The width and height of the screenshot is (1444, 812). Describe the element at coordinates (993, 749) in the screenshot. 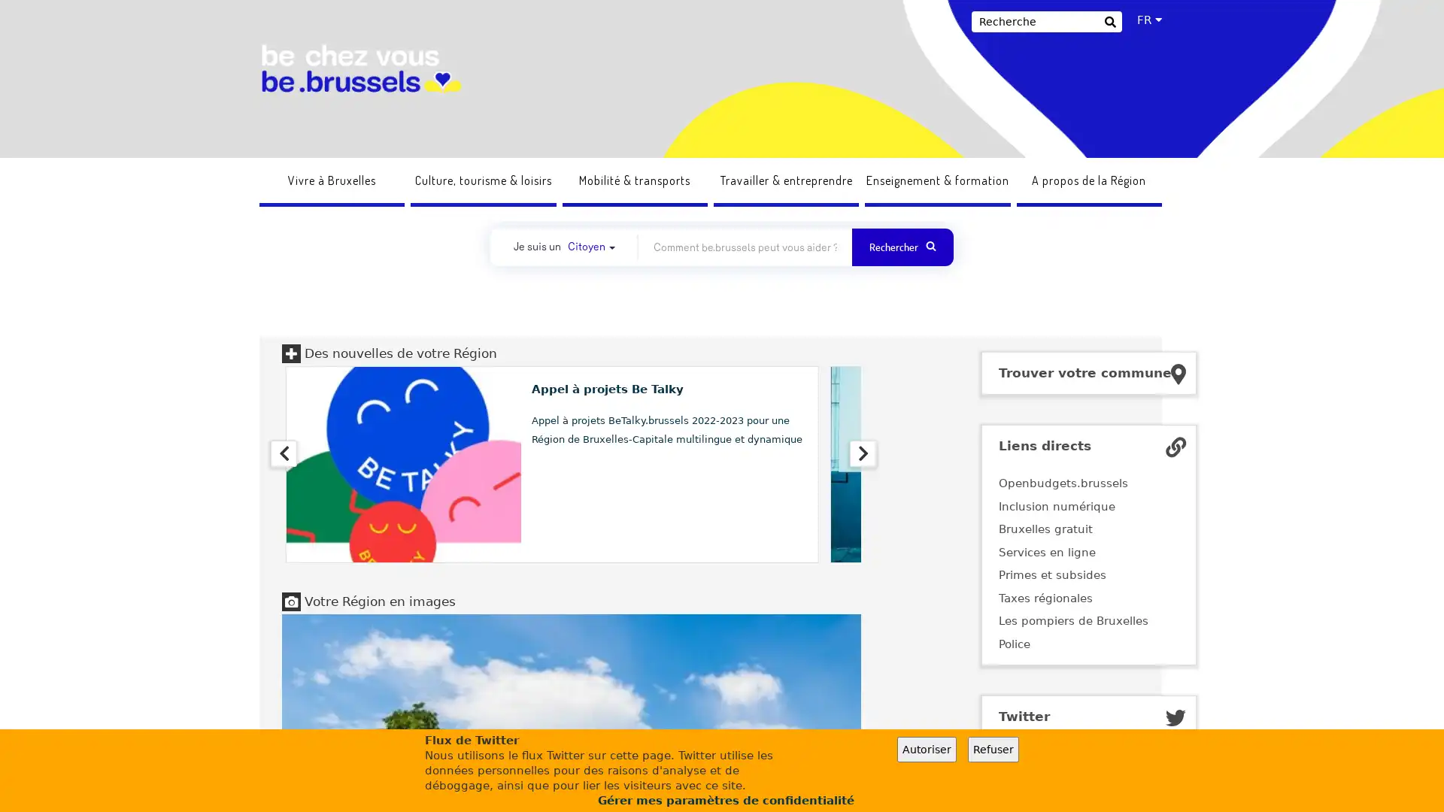

I see `Refuser` at that location.